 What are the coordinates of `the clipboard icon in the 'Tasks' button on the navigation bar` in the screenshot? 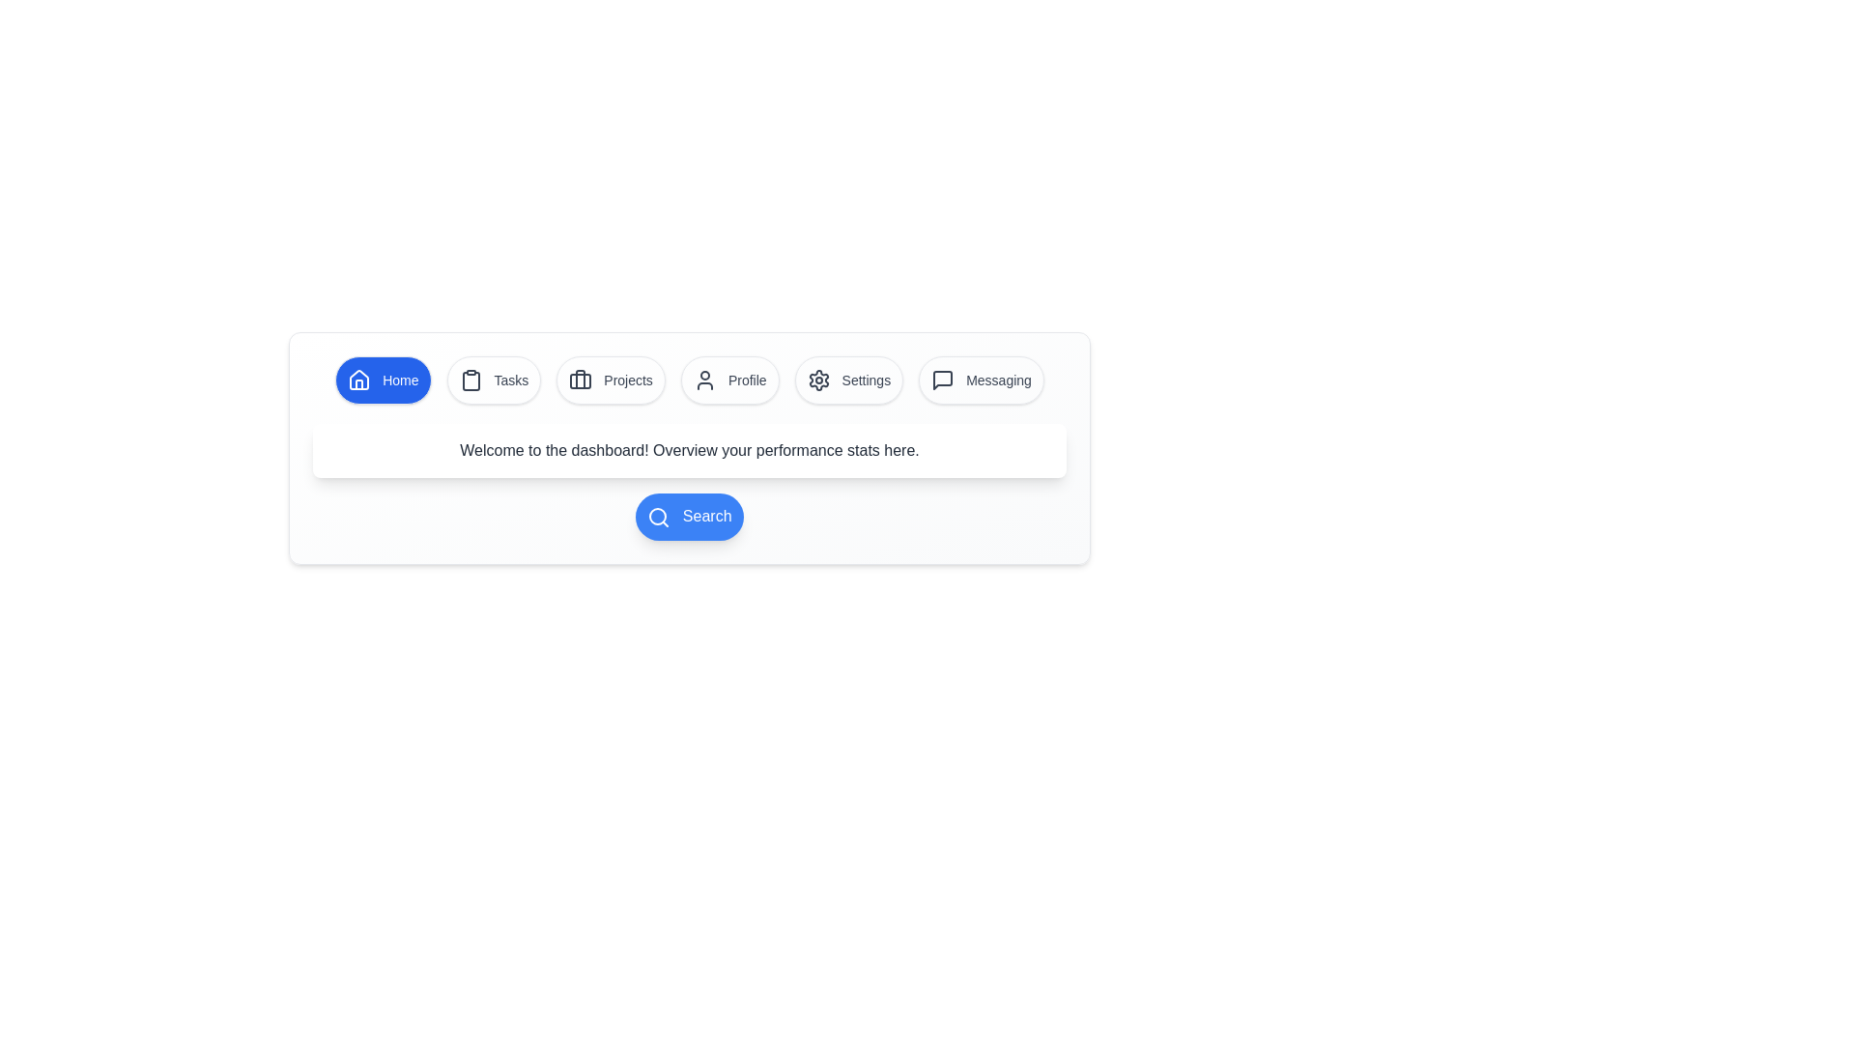 It's located at (471, 380).